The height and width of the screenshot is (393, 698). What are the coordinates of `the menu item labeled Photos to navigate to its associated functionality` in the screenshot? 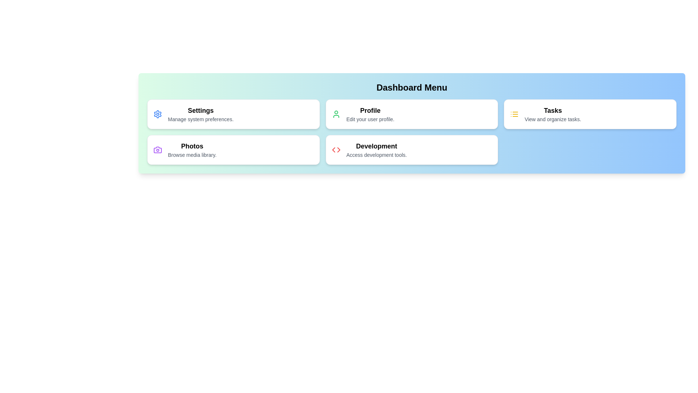 It's located at (233, 150).